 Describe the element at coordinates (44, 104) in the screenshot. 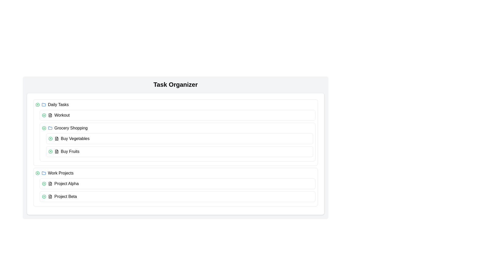

I see `the folder icon in the 'Work Projects' section of the Task Organizer application, which represents project categories such as 'Project Alpha' and 'Project Beta'` at that location.